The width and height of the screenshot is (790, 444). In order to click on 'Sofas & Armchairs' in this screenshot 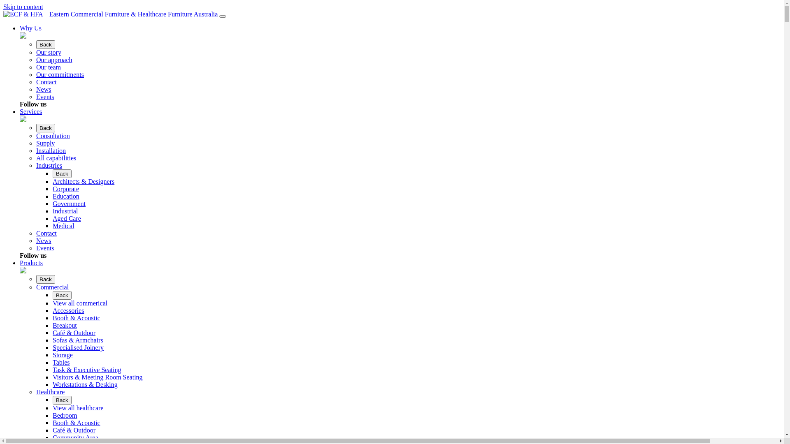, I will do `click(78, 340)`.